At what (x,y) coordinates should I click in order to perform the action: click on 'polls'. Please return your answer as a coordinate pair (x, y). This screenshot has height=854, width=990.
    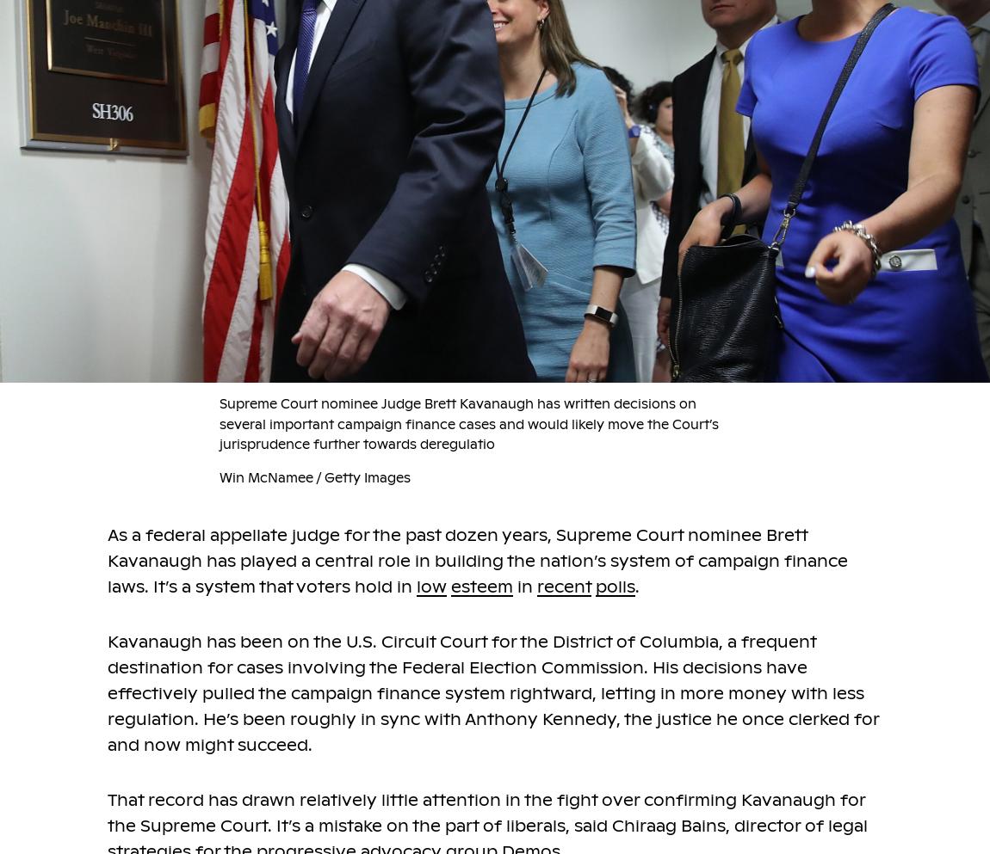
    Looking at the image, I should click on (614, 587).